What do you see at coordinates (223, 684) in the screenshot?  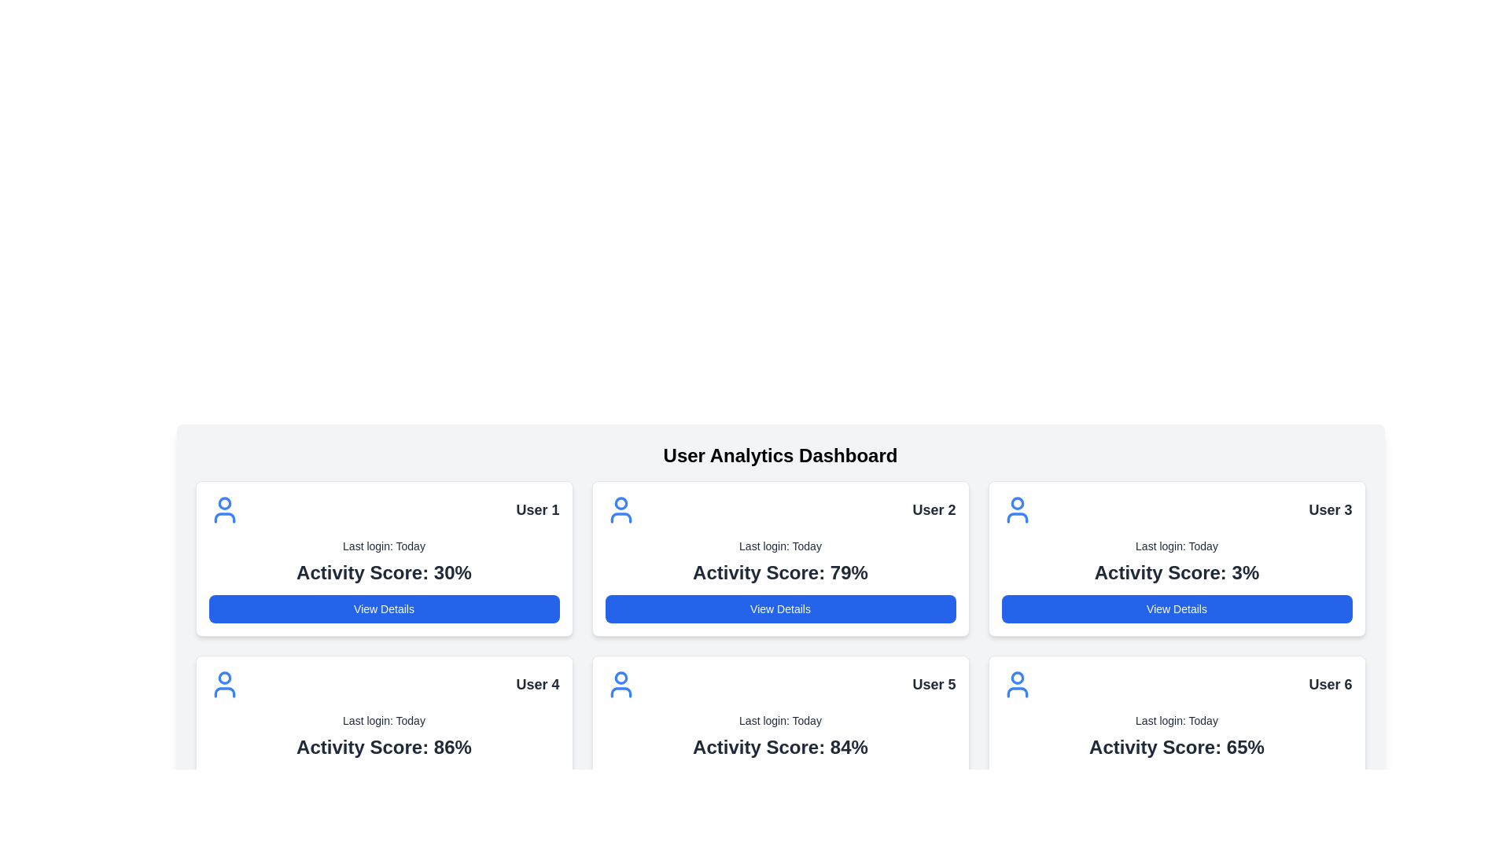 I see `the user profile icon labeled 'User 4' located at the top-left corner of the fourth card` at bounding box center [223, 684].